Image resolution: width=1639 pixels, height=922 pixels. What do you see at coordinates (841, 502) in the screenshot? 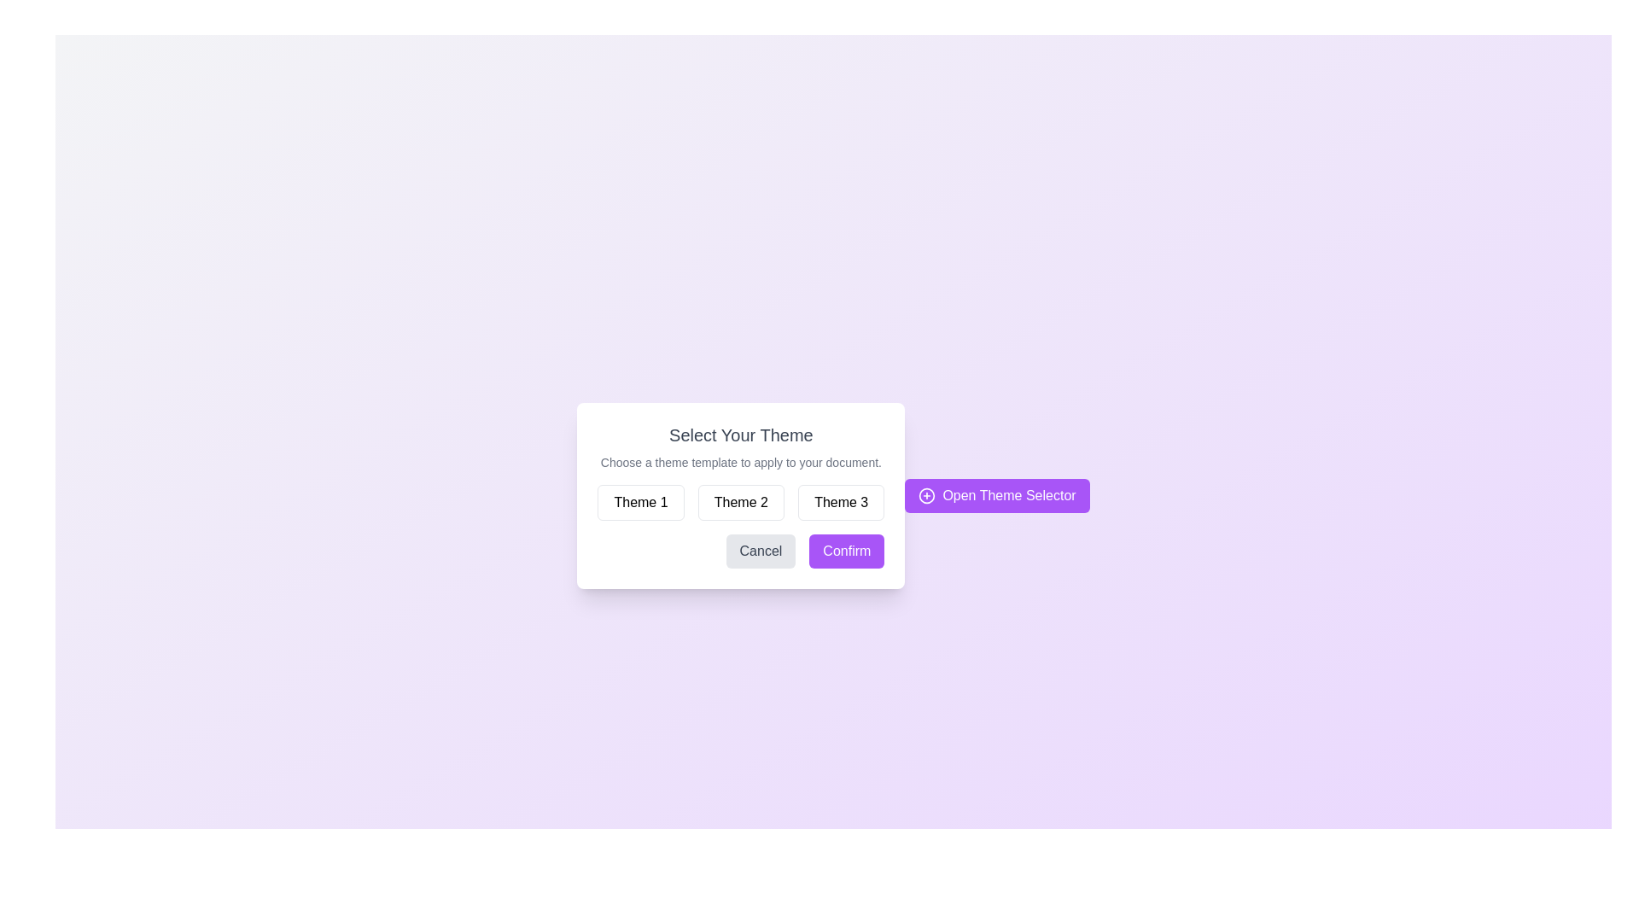
I see `the third selectable button labeled 'Theme 3' located in the bottom-right corner of the modal dialog box` at bounding box center [841, 502].